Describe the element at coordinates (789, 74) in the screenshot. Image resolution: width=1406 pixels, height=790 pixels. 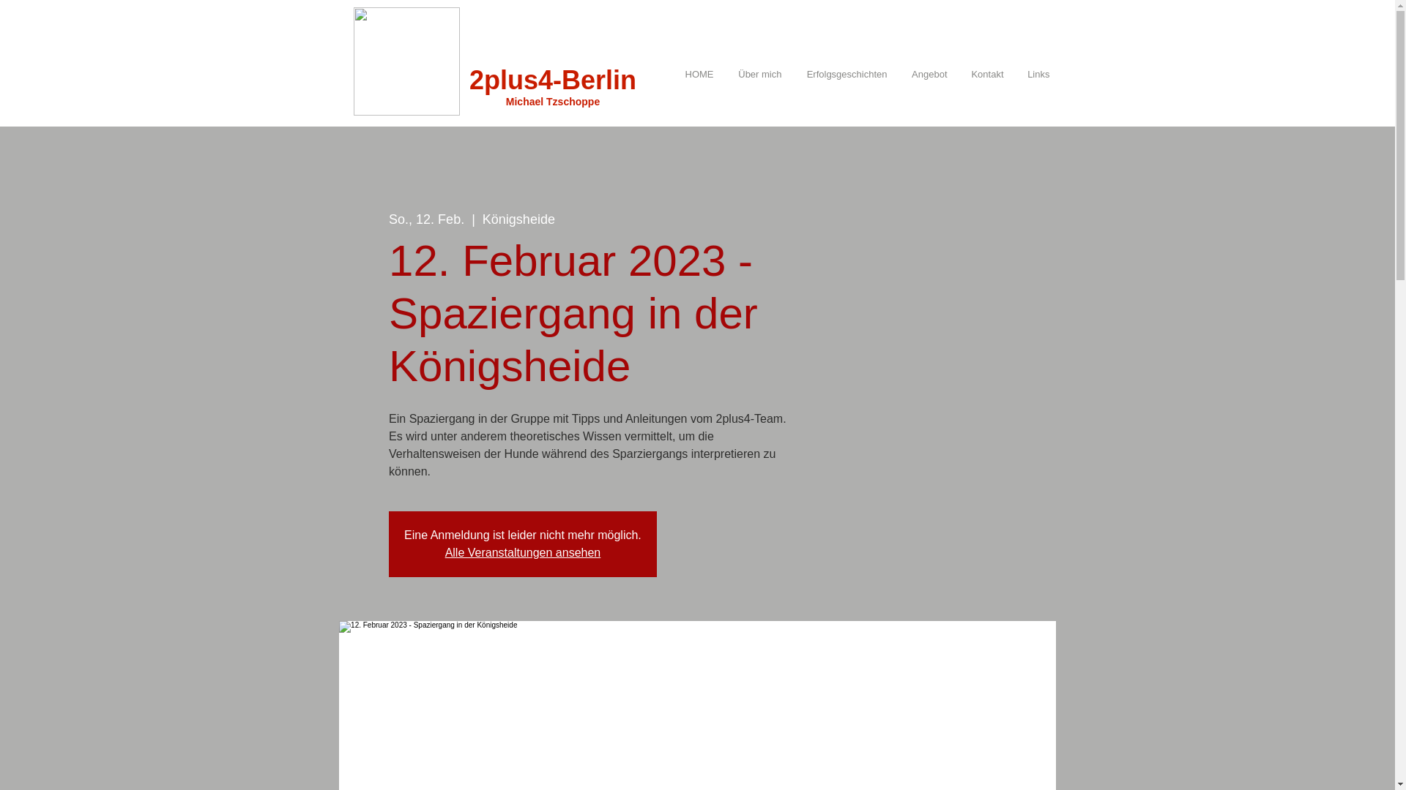
I see `'Erfolgsgeschichten'` at that location.